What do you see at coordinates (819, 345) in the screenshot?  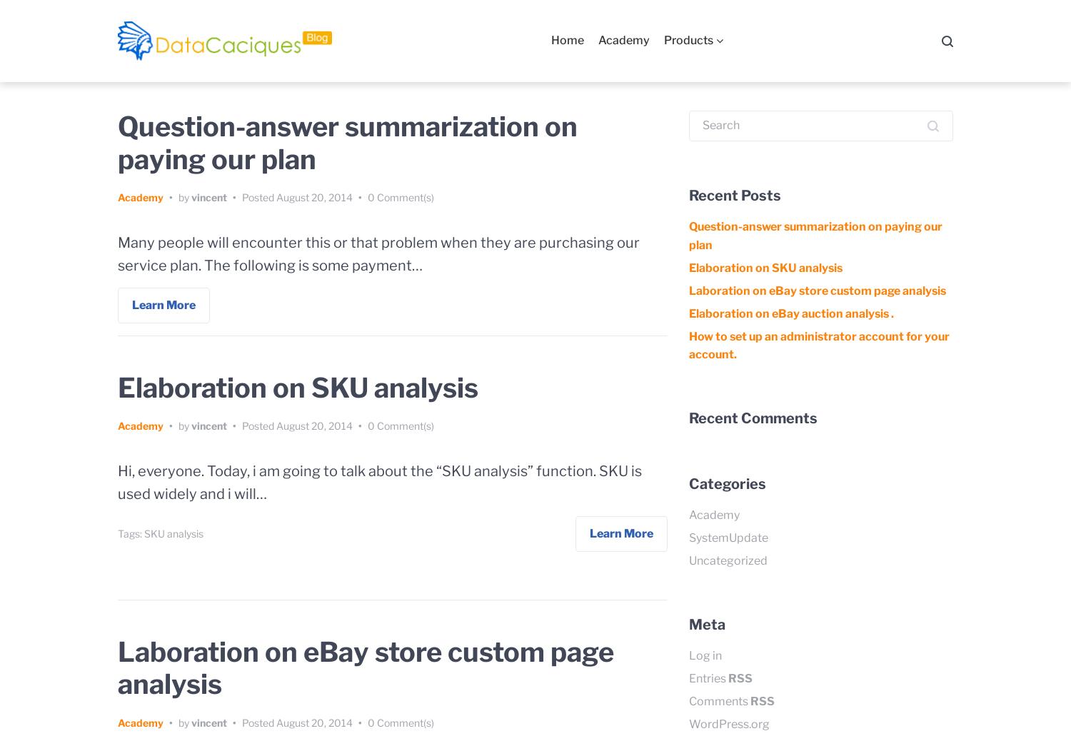 I see `'How to set up an administrator account for your account.'` at bounding box center [819, 345].